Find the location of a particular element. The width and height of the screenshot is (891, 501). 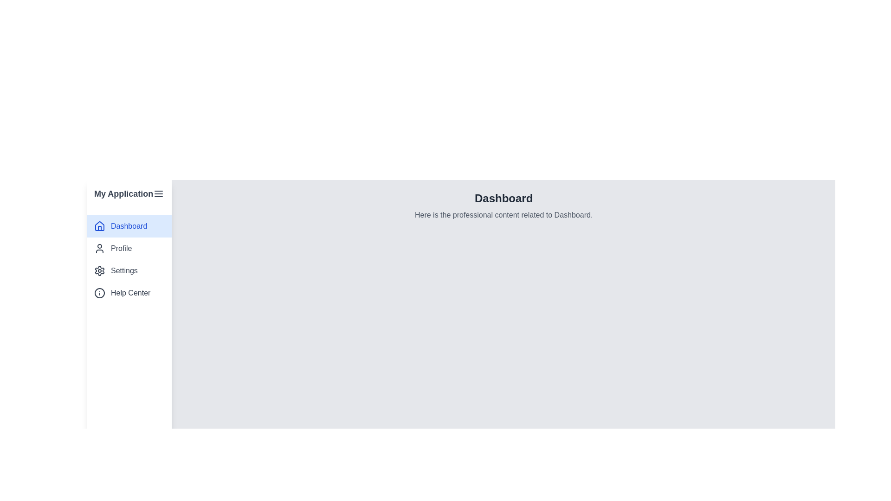

the Header with navigation toggle that contains the text 'My Application' and a menu toggle icon is located at coordinates (129, 193).